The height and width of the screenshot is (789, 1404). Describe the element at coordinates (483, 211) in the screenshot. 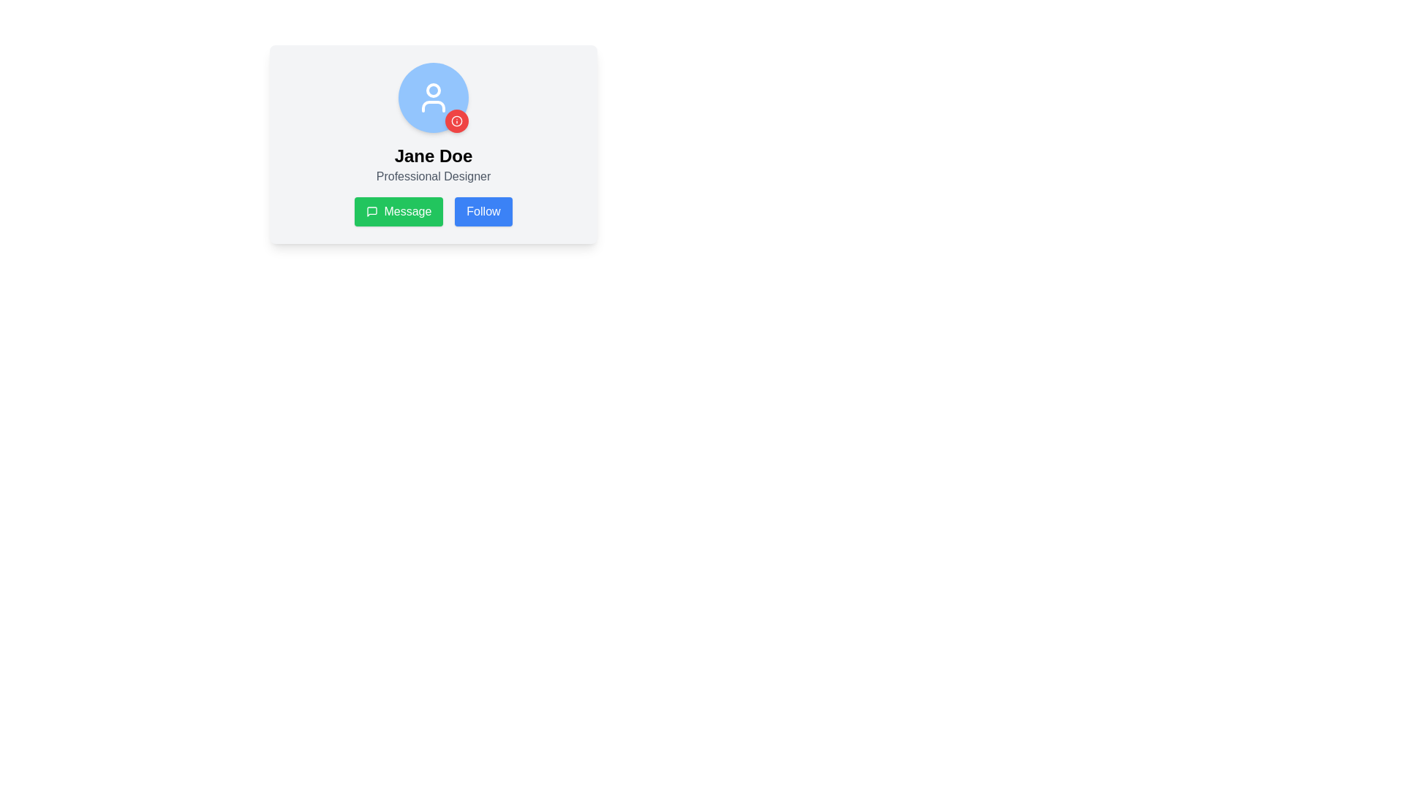

I see `the 'Follow' button located to the right of the green 'Message' button to follow the displayed profile` at that location.